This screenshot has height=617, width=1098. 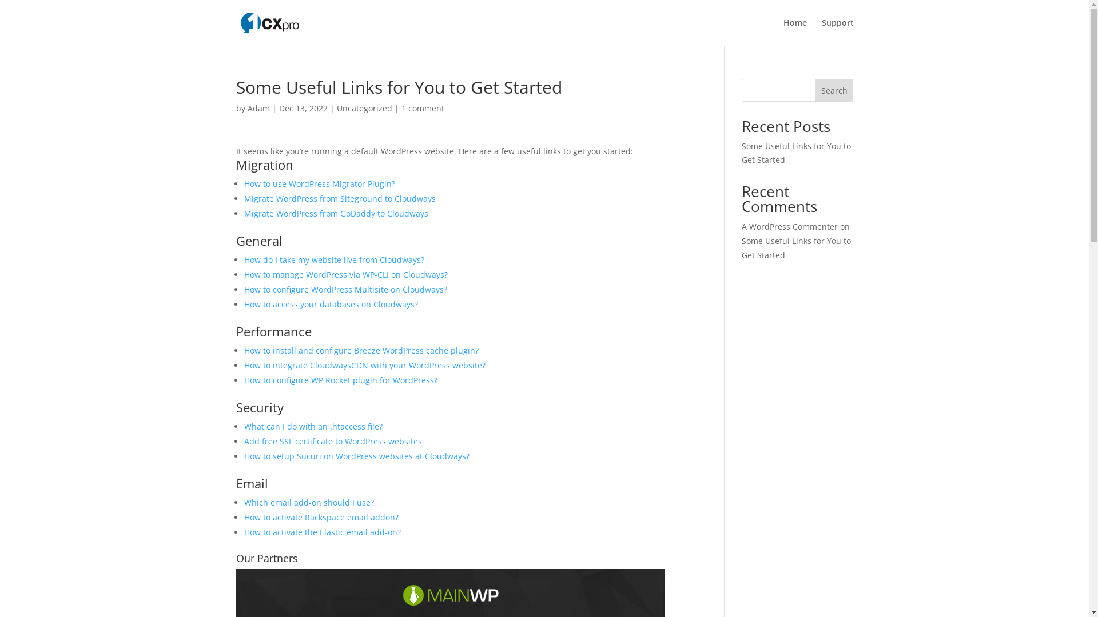 I want to click on 'Support', so click(x=837, y=31).